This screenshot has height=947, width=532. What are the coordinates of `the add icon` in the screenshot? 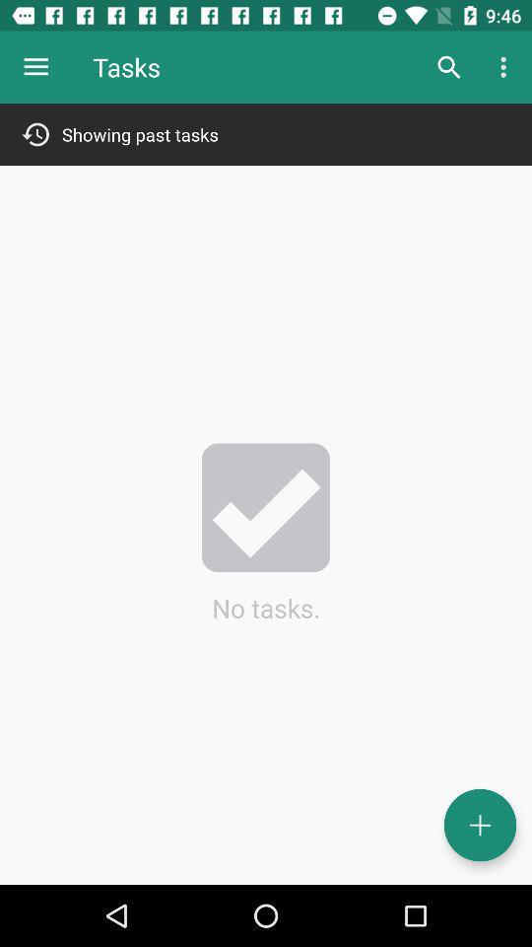 It's located at (479, 825).